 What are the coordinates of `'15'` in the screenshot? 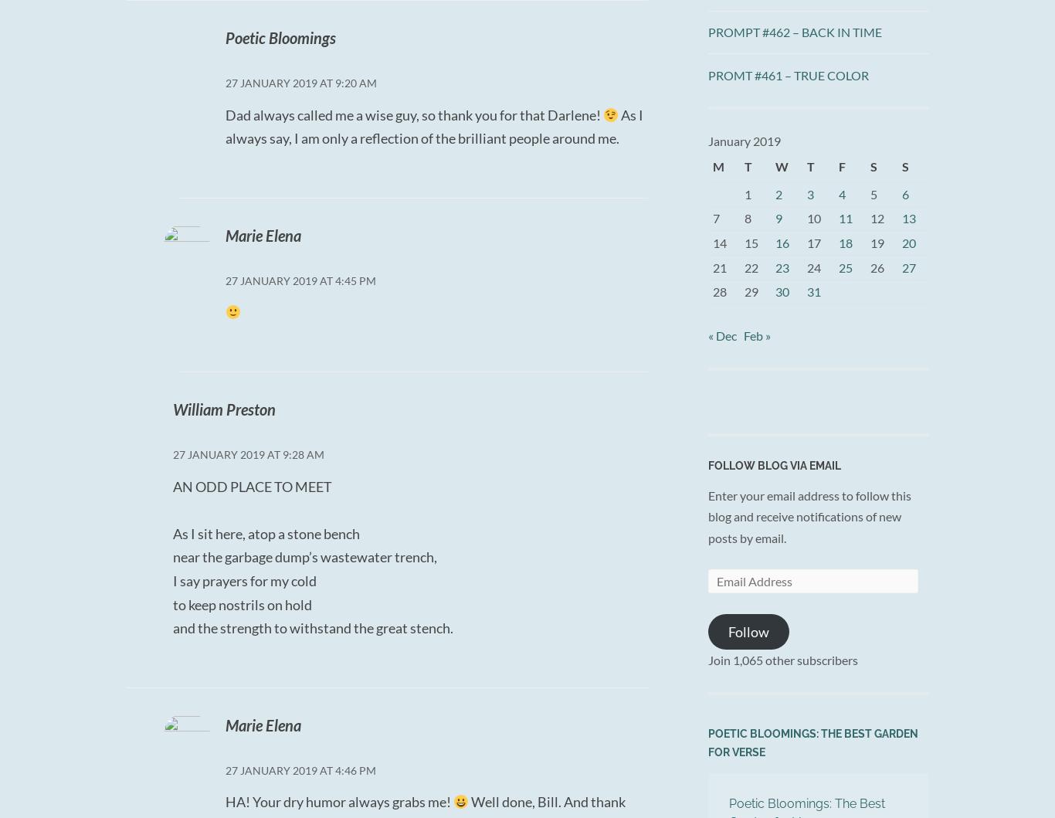 It's located at (744, 243).